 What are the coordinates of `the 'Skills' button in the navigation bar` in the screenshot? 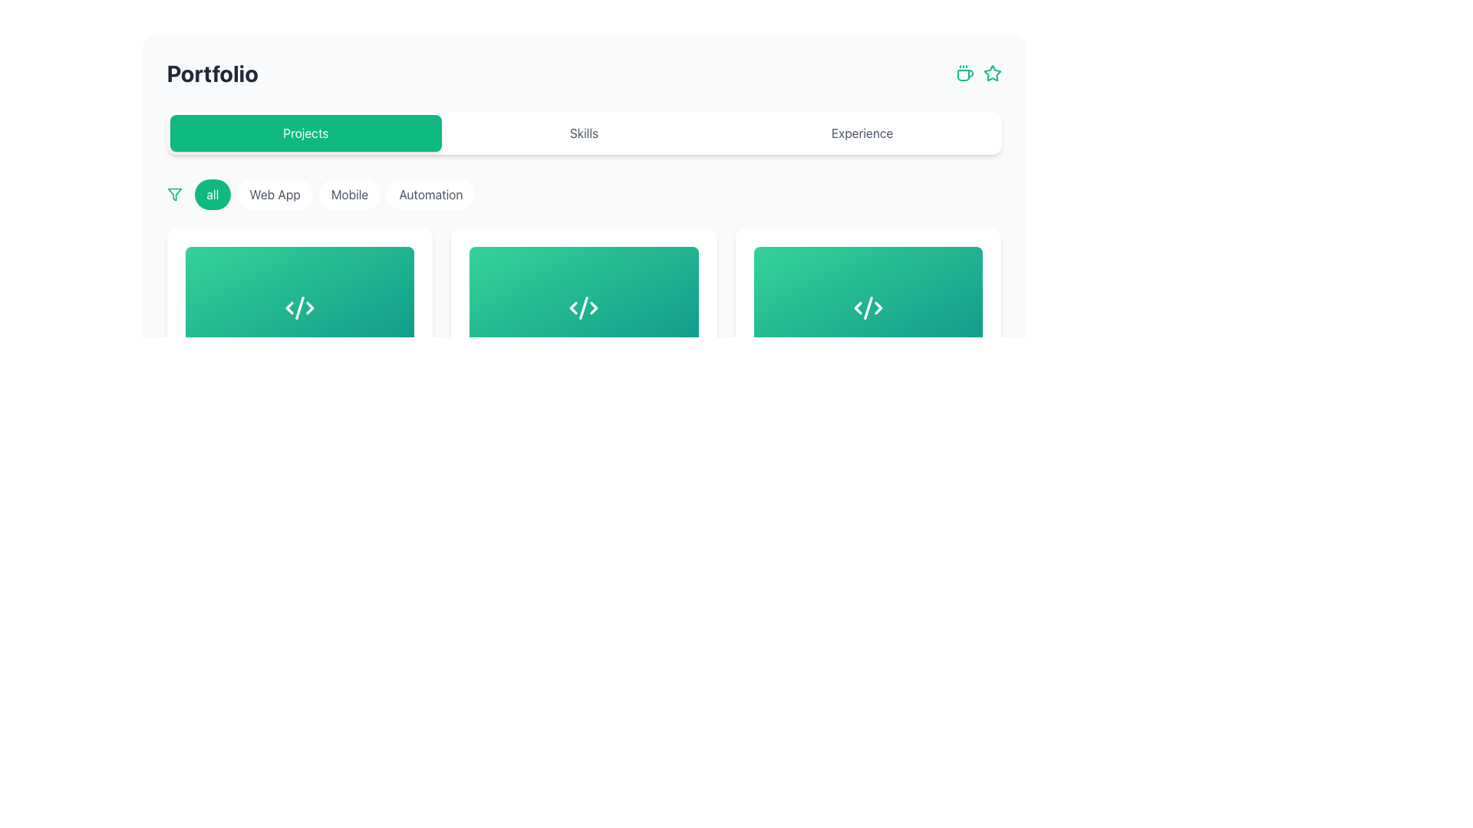 It's located at (583, 132).